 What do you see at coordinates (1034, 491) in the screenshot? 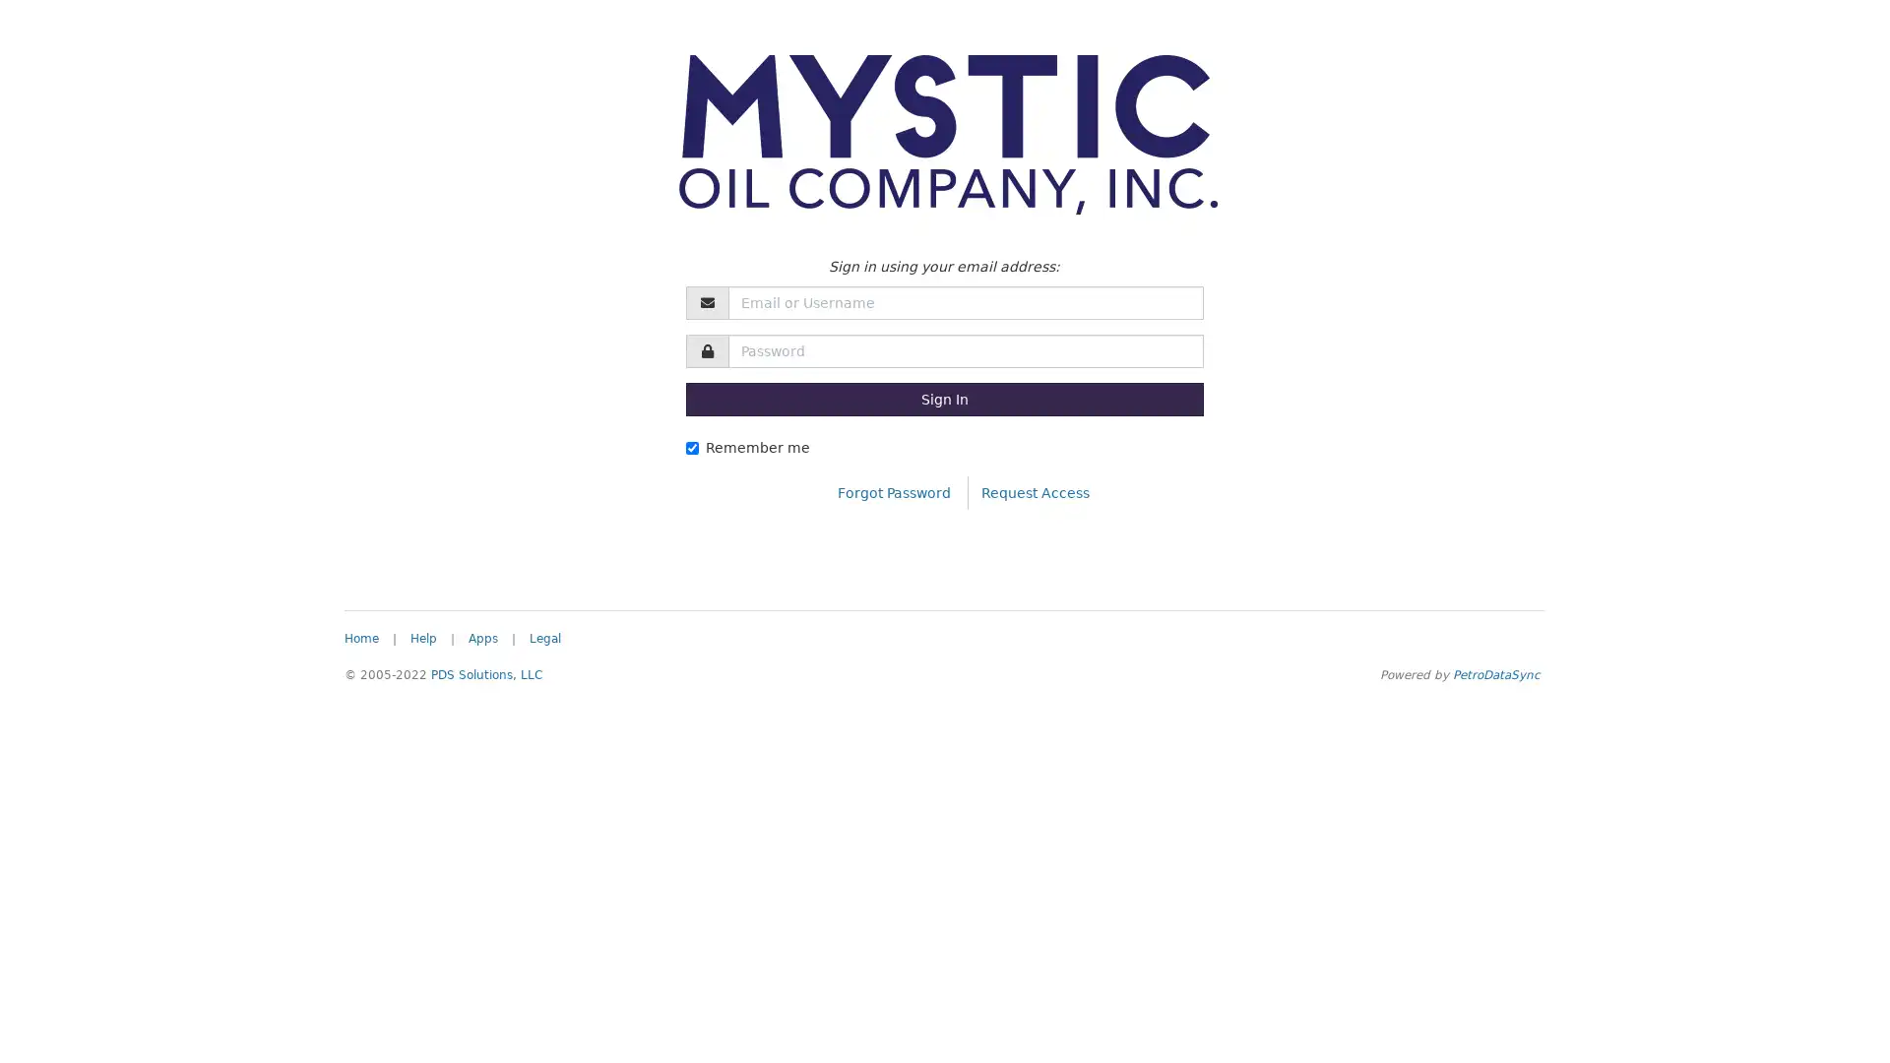
I see `Request Access` at bounding box center [1034, 491].